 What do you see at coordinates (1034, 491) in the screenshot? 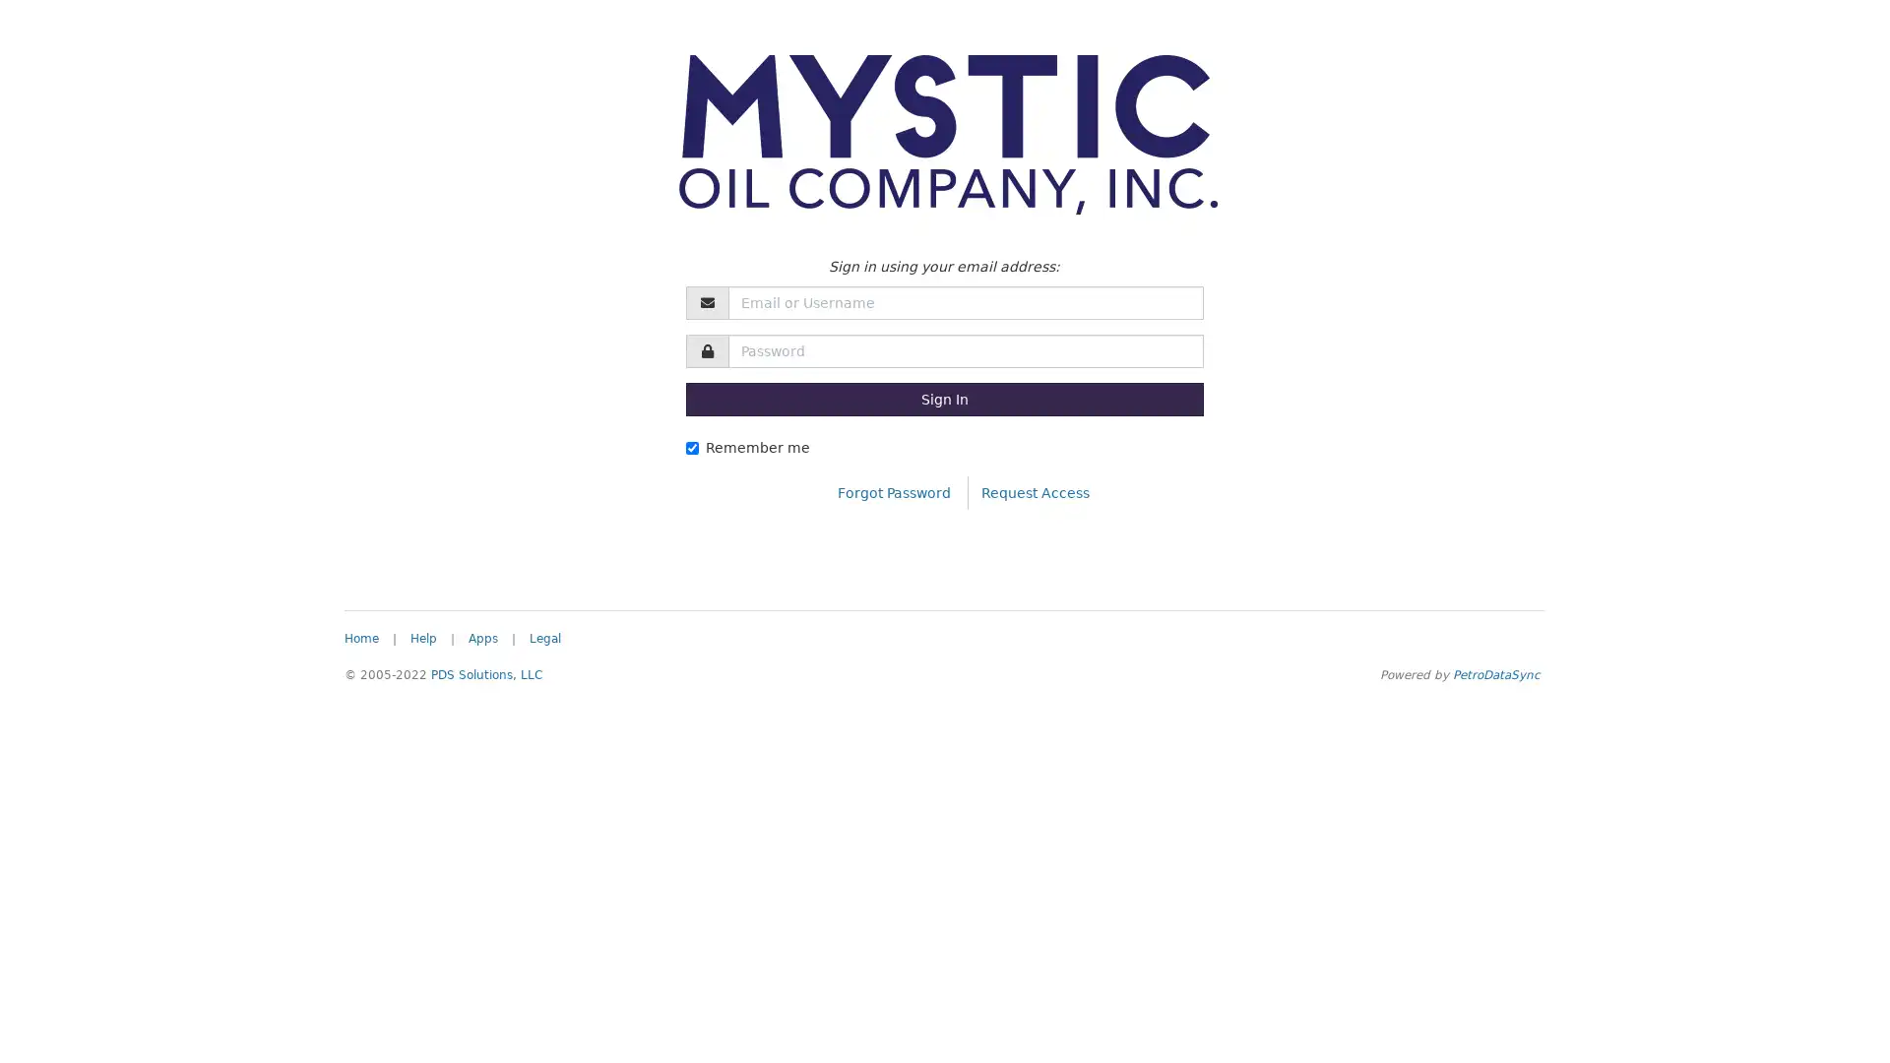
I see `Request Access` at bounding box center [1034, 491].